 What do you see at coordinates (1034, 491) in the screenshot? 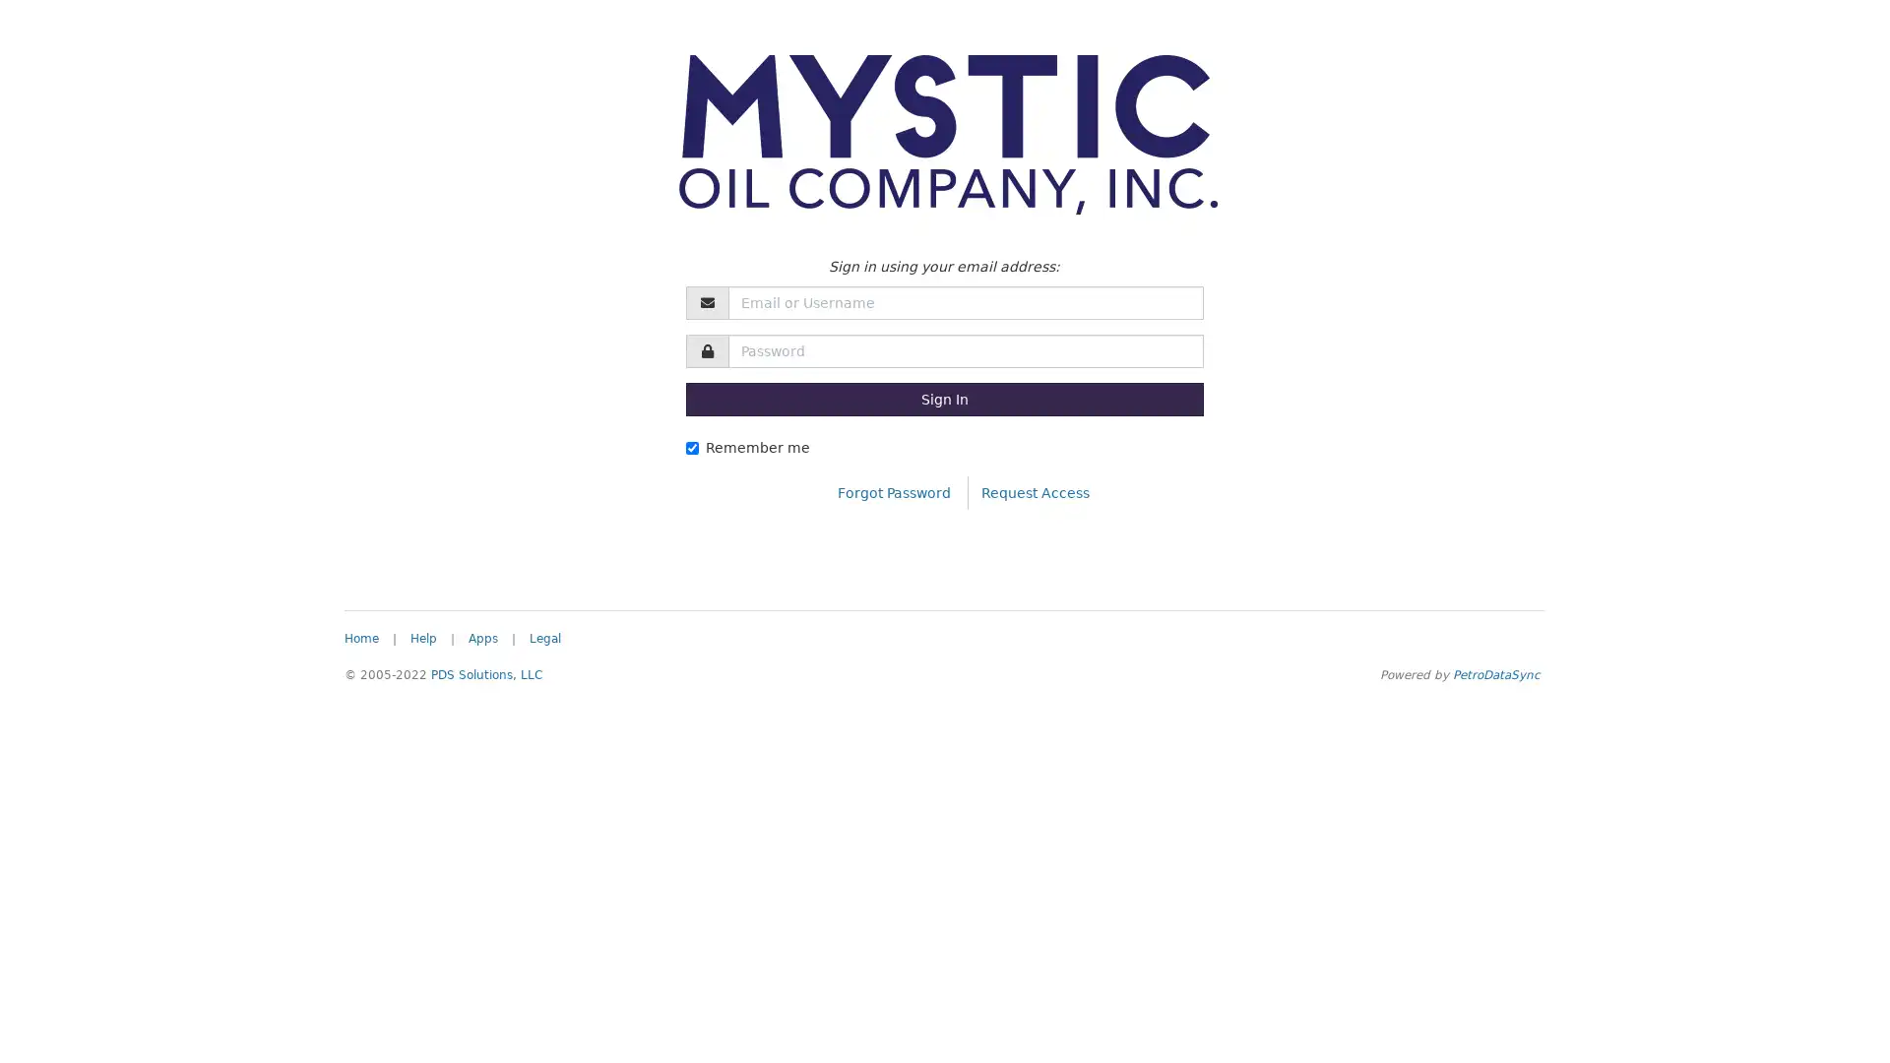
I see `Request Access` at bounding box center [1034, 491].